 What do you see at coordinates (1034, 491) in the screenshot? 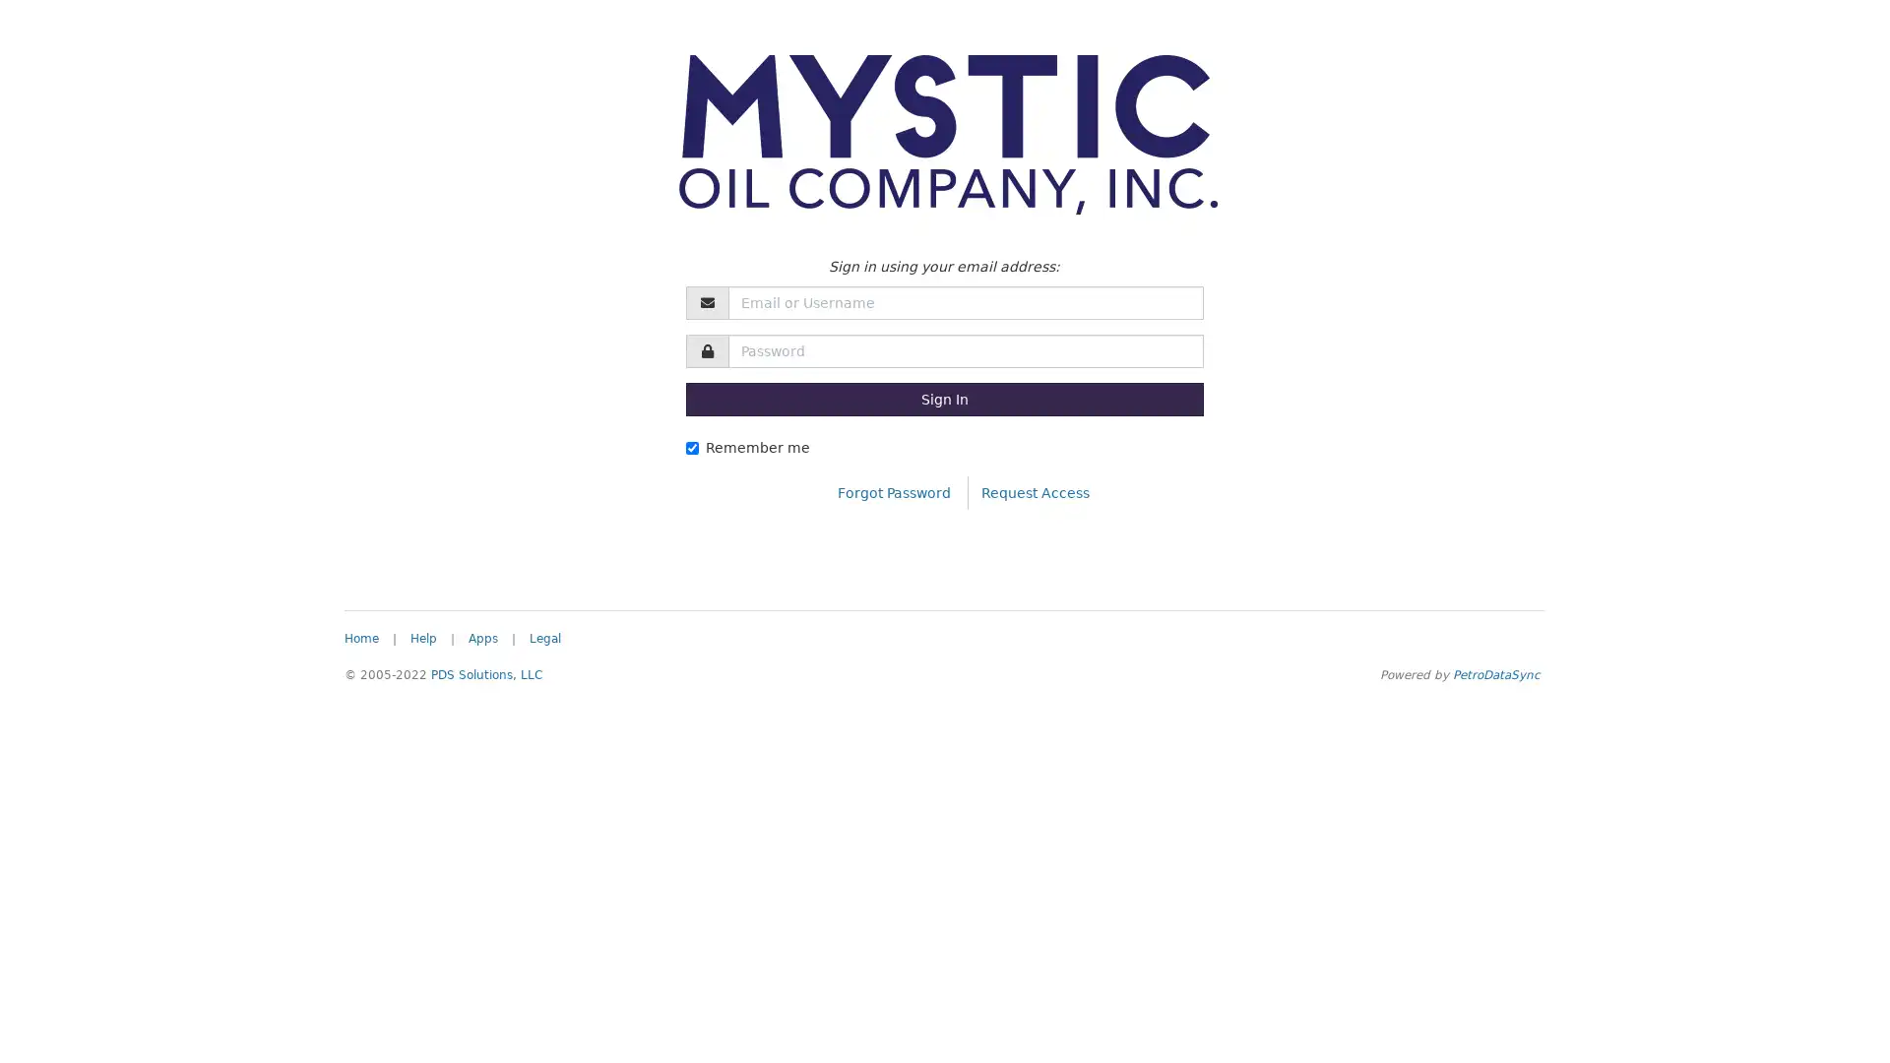
I see `Request Access` at bounding box center [1034, 491].